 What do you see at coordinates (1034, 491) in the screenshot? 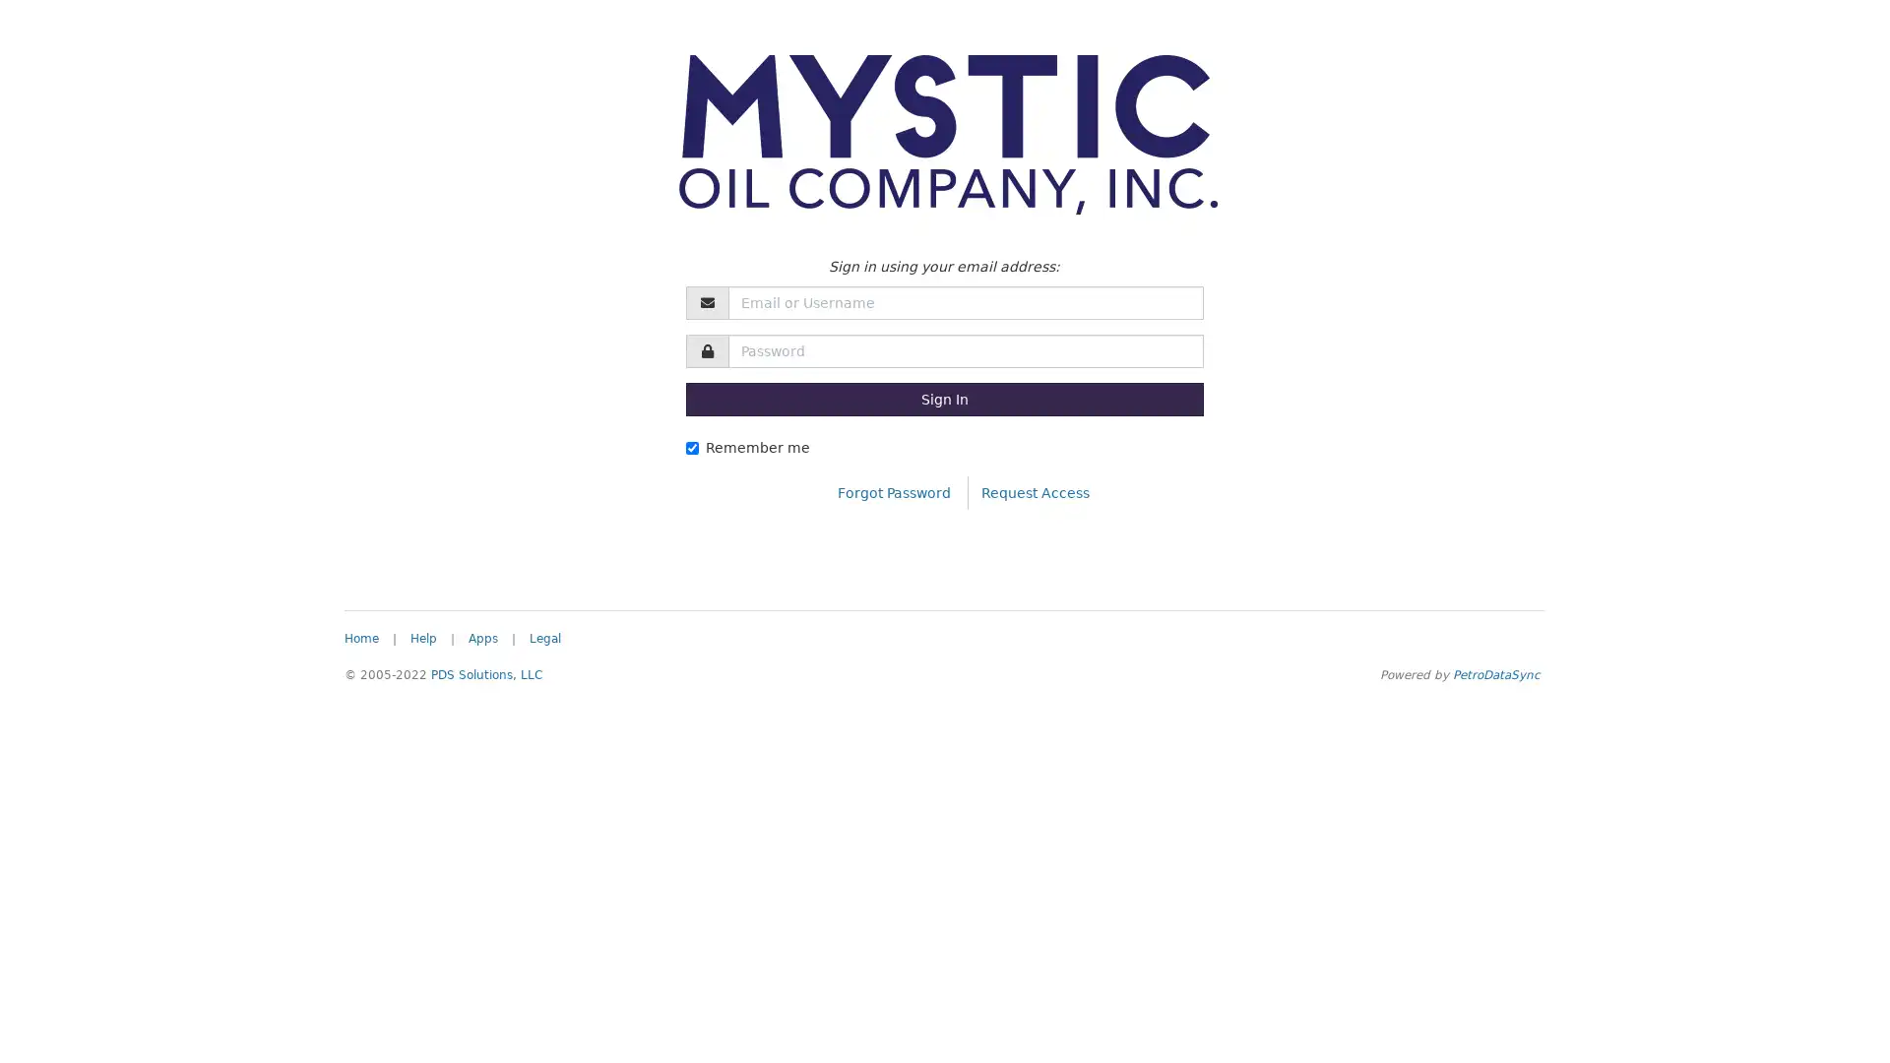
I see `Request Access` at bounding box center [1034, 491].